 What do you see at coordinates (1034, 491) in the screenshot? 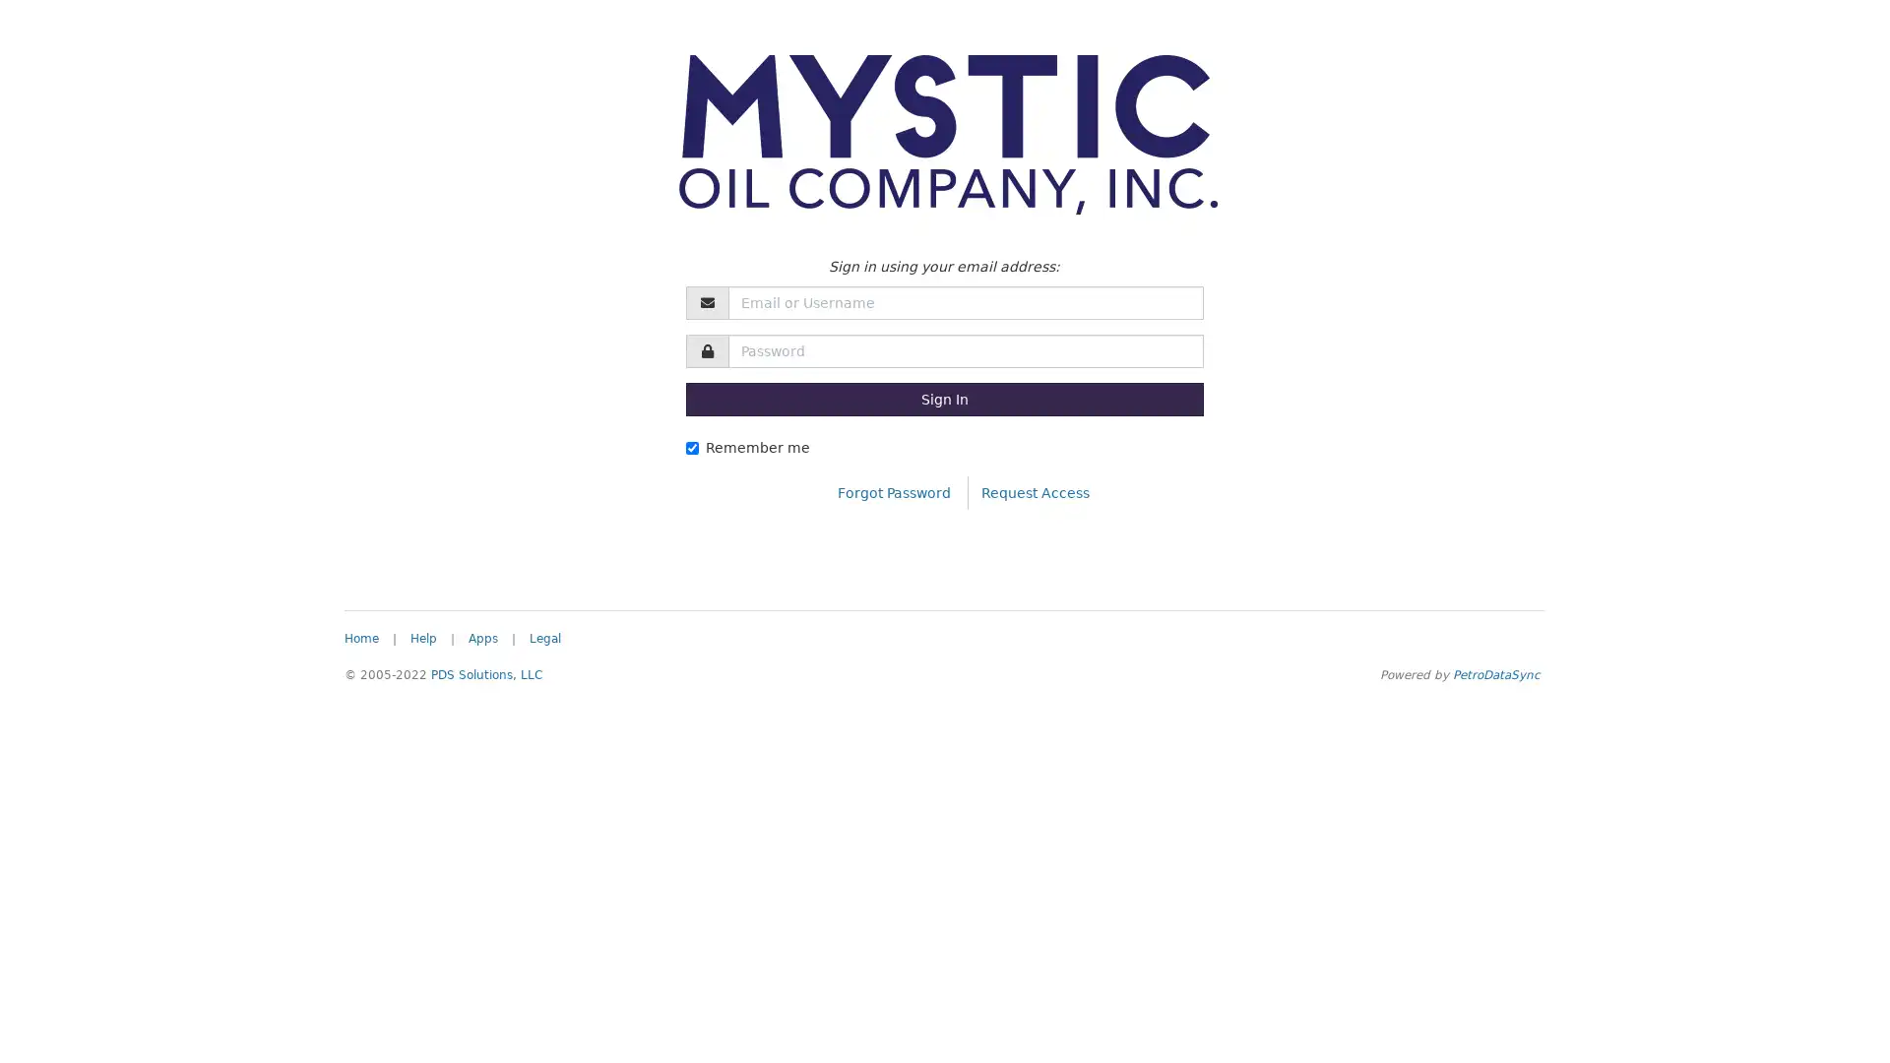
I see `Request Access` at bounding box center [1034, 491].